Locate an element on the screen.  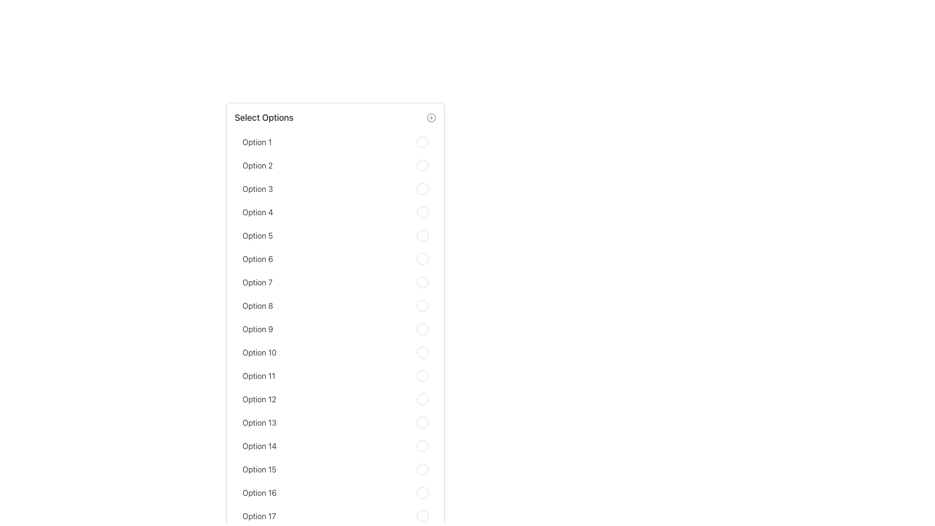
the second radio button labeled 'Option 9' is located at coordinates (423, 329).